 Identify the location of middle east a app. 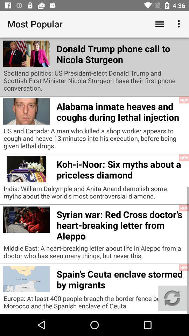
(94, 253).